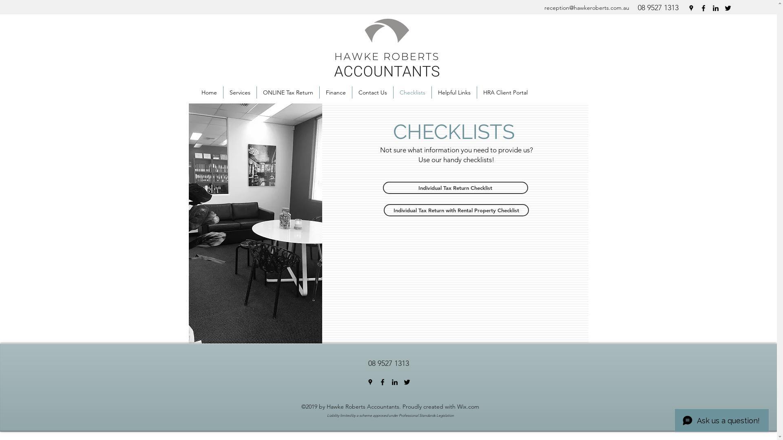 This screenshot has height=440, width=783. What do you see at coordinates (372, 92) in the screenshot?
I see `'Contact Us'` at bounding box center [372, 92].